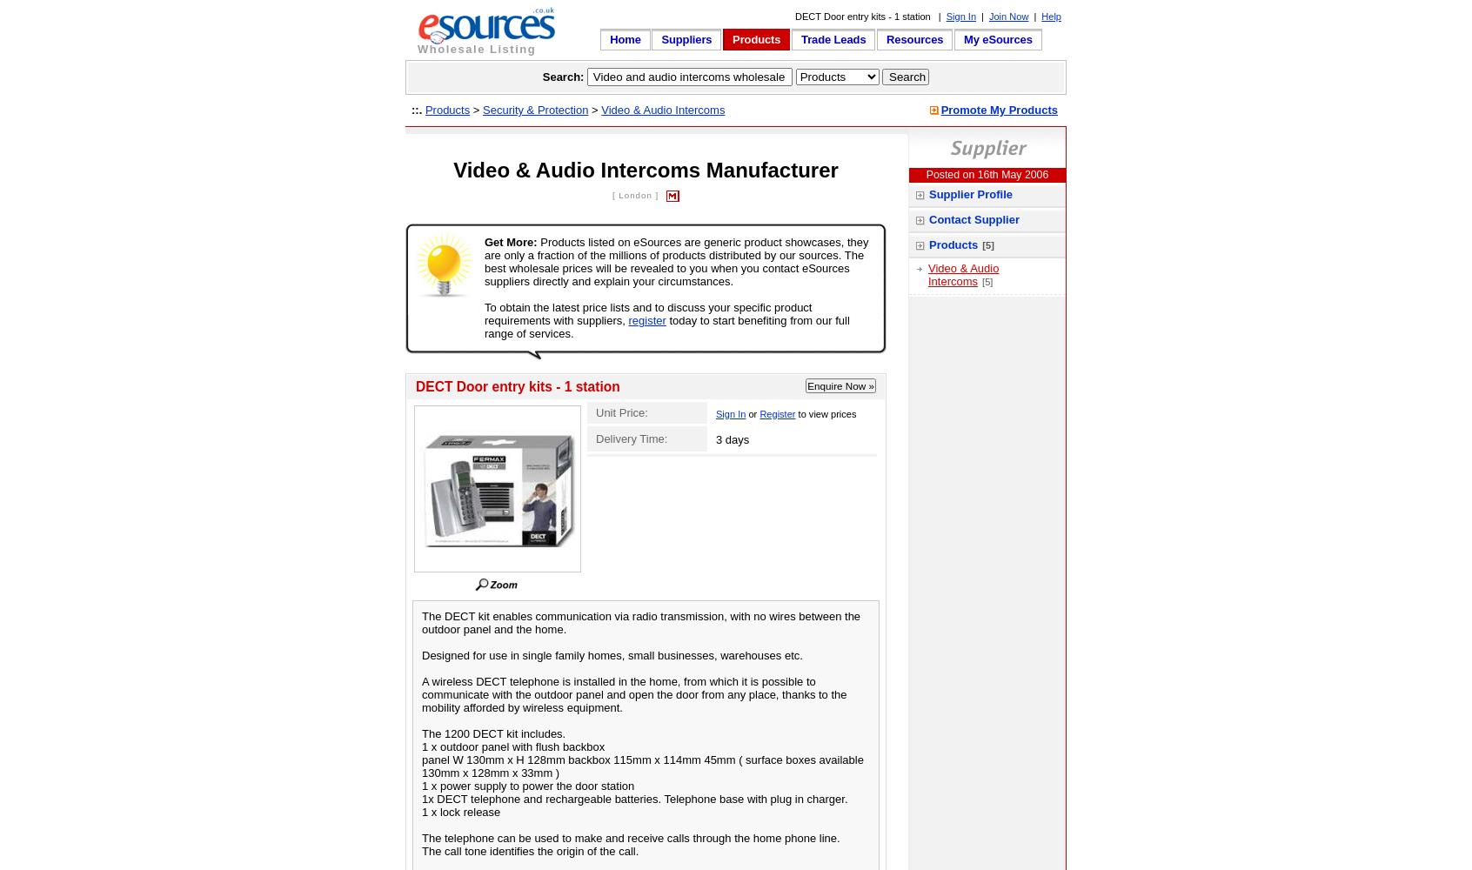 This screenshot has height=870, width=1472. Describe the element at coordinates (417, 49) in the screenshot. I see `'Wholesale Listing'` at that location.